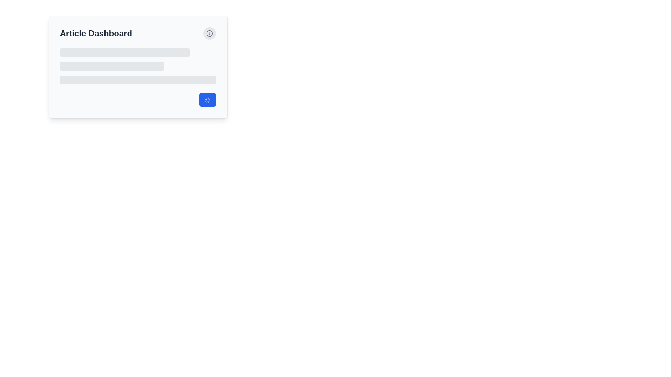 This screenshot has height=377, width=671. What do you see at coordinates (138, 99) in the screenshot?
I see `the loading indicator located at the bottom-right section of the 'Article Dashboard' card` at bounding box center [138, 99].